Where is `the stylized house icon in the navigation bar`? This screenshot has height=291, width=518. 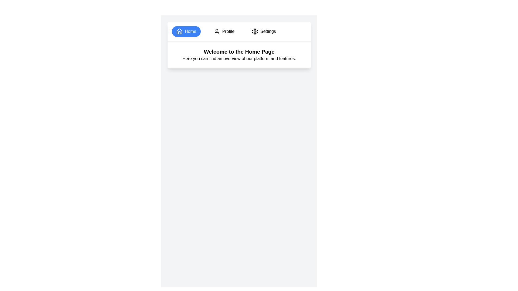 the stylized house icon in the navigation bar is located at coordinates (179, 31).